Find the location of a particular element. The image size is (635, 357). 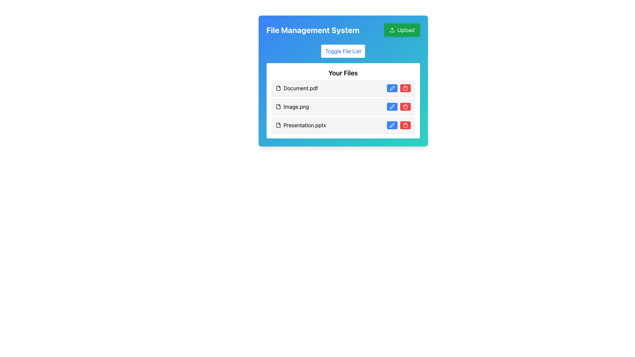

the pen-shaped icon located next to the filename 'Image.png' in the file list is located at coordinates (392, 88).